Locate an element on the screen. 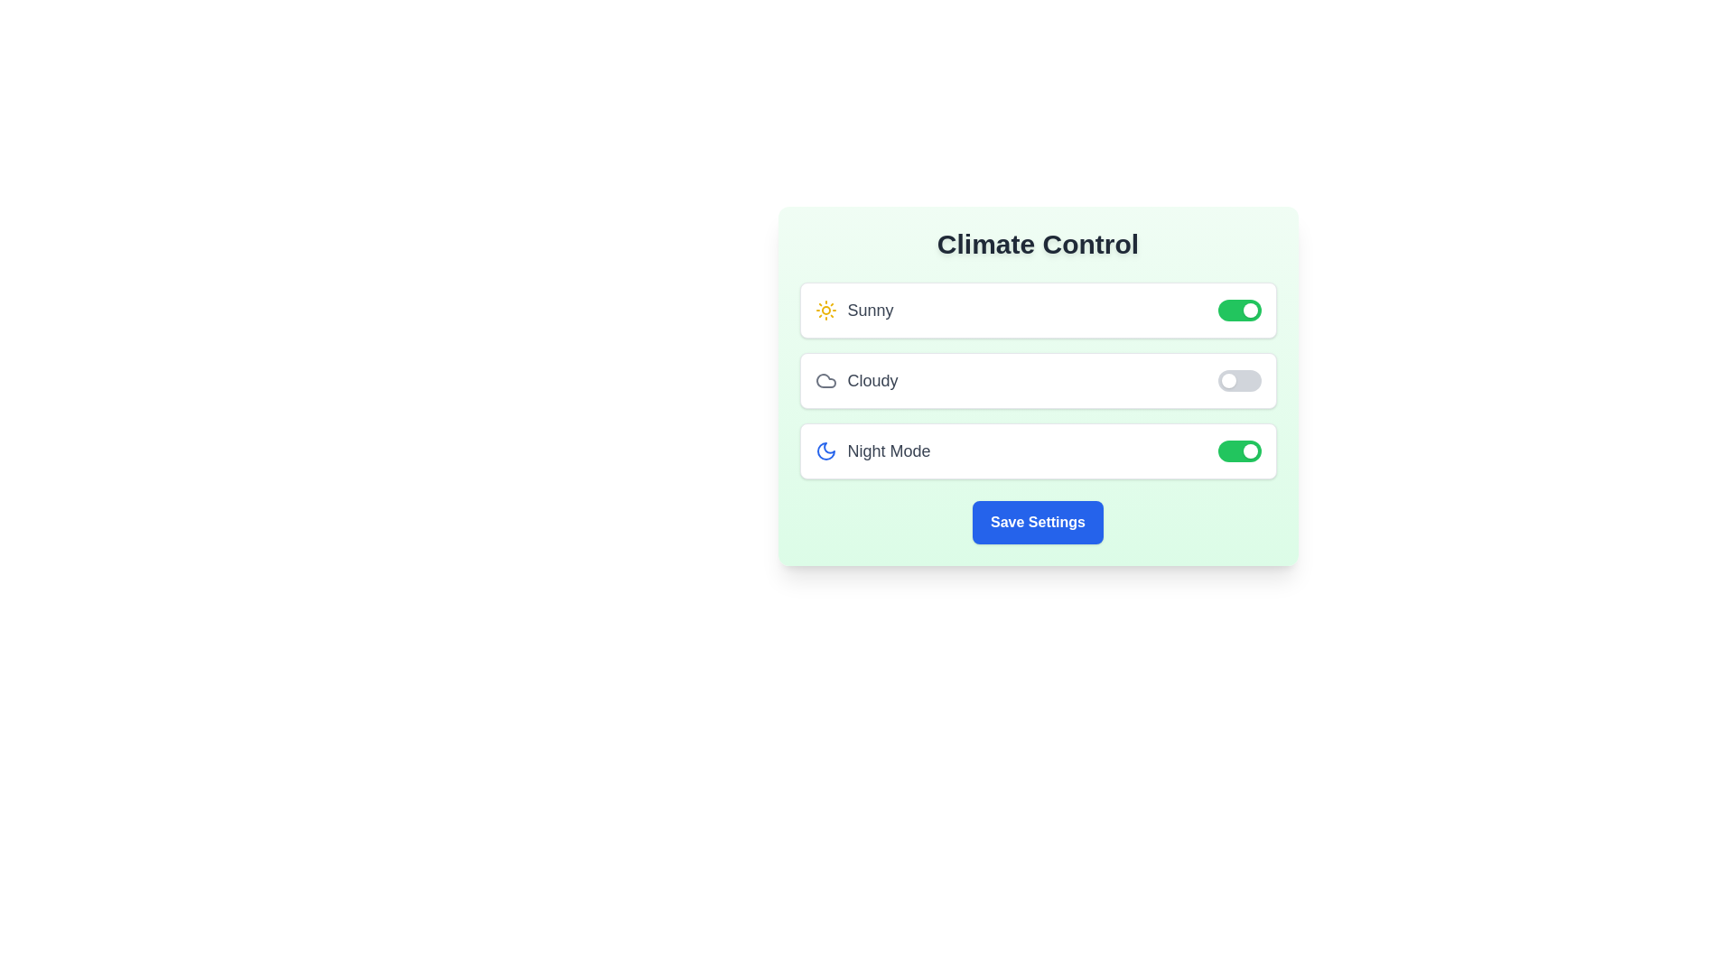 Image resolution: width=1734 pixels, height=975 pixels. the text label for Sunny is located at coordinates (853, 309).